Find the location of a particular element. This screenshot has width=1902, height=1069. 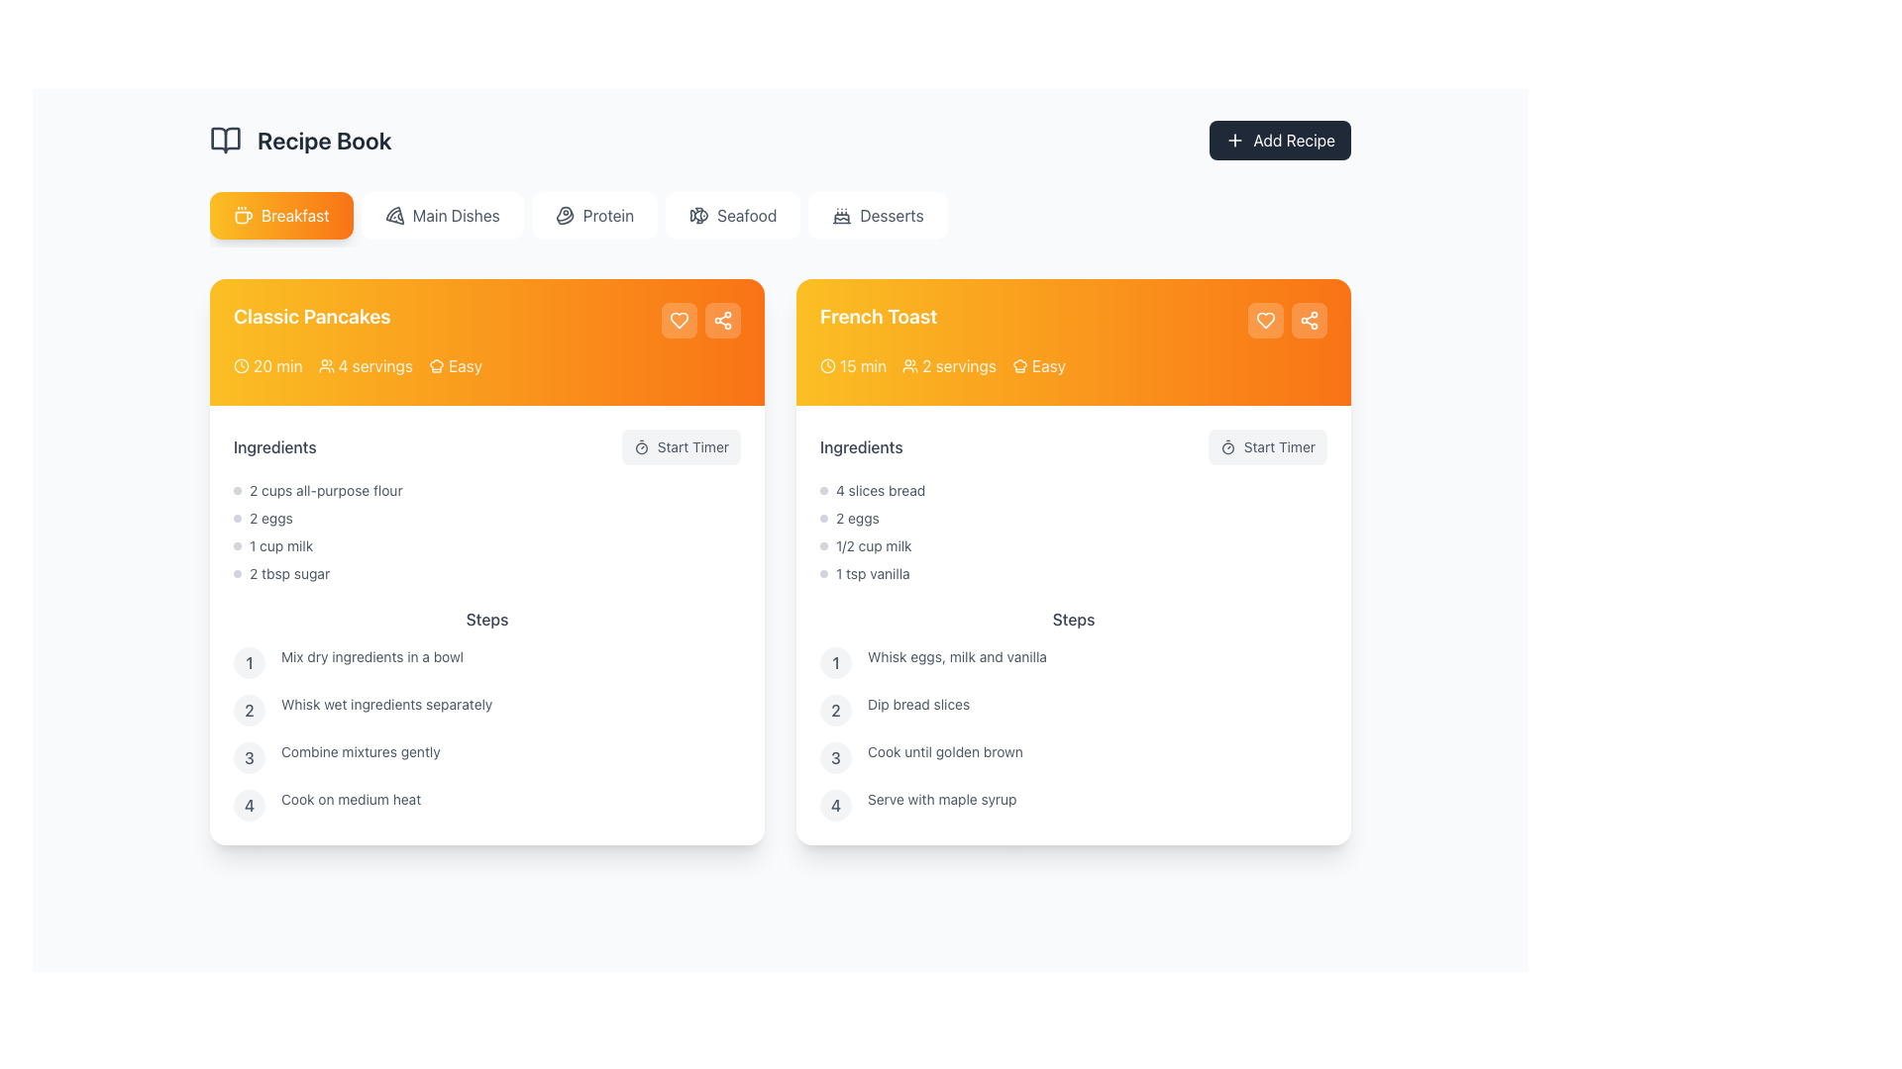

the label text within the 'Start Timer' button in the 'French Toast' recipe card to indicate its functionality is located at coordinates (1279, 446).